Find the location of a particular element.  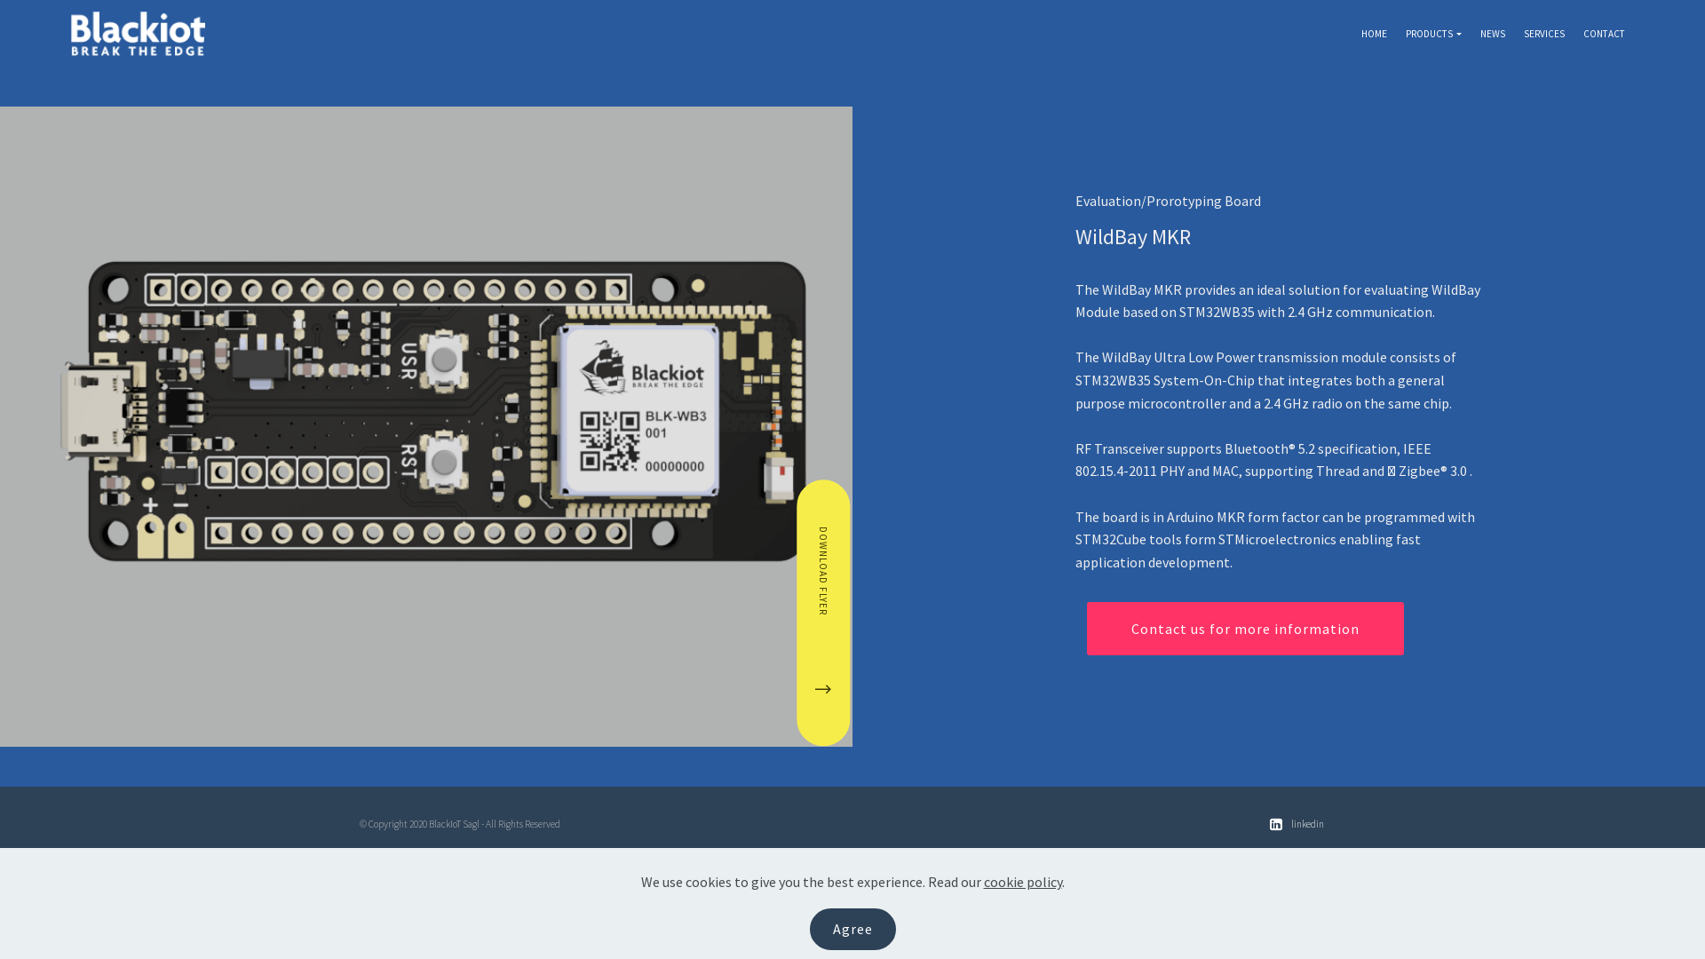

'Agree' is located at coordinates (852, 928).